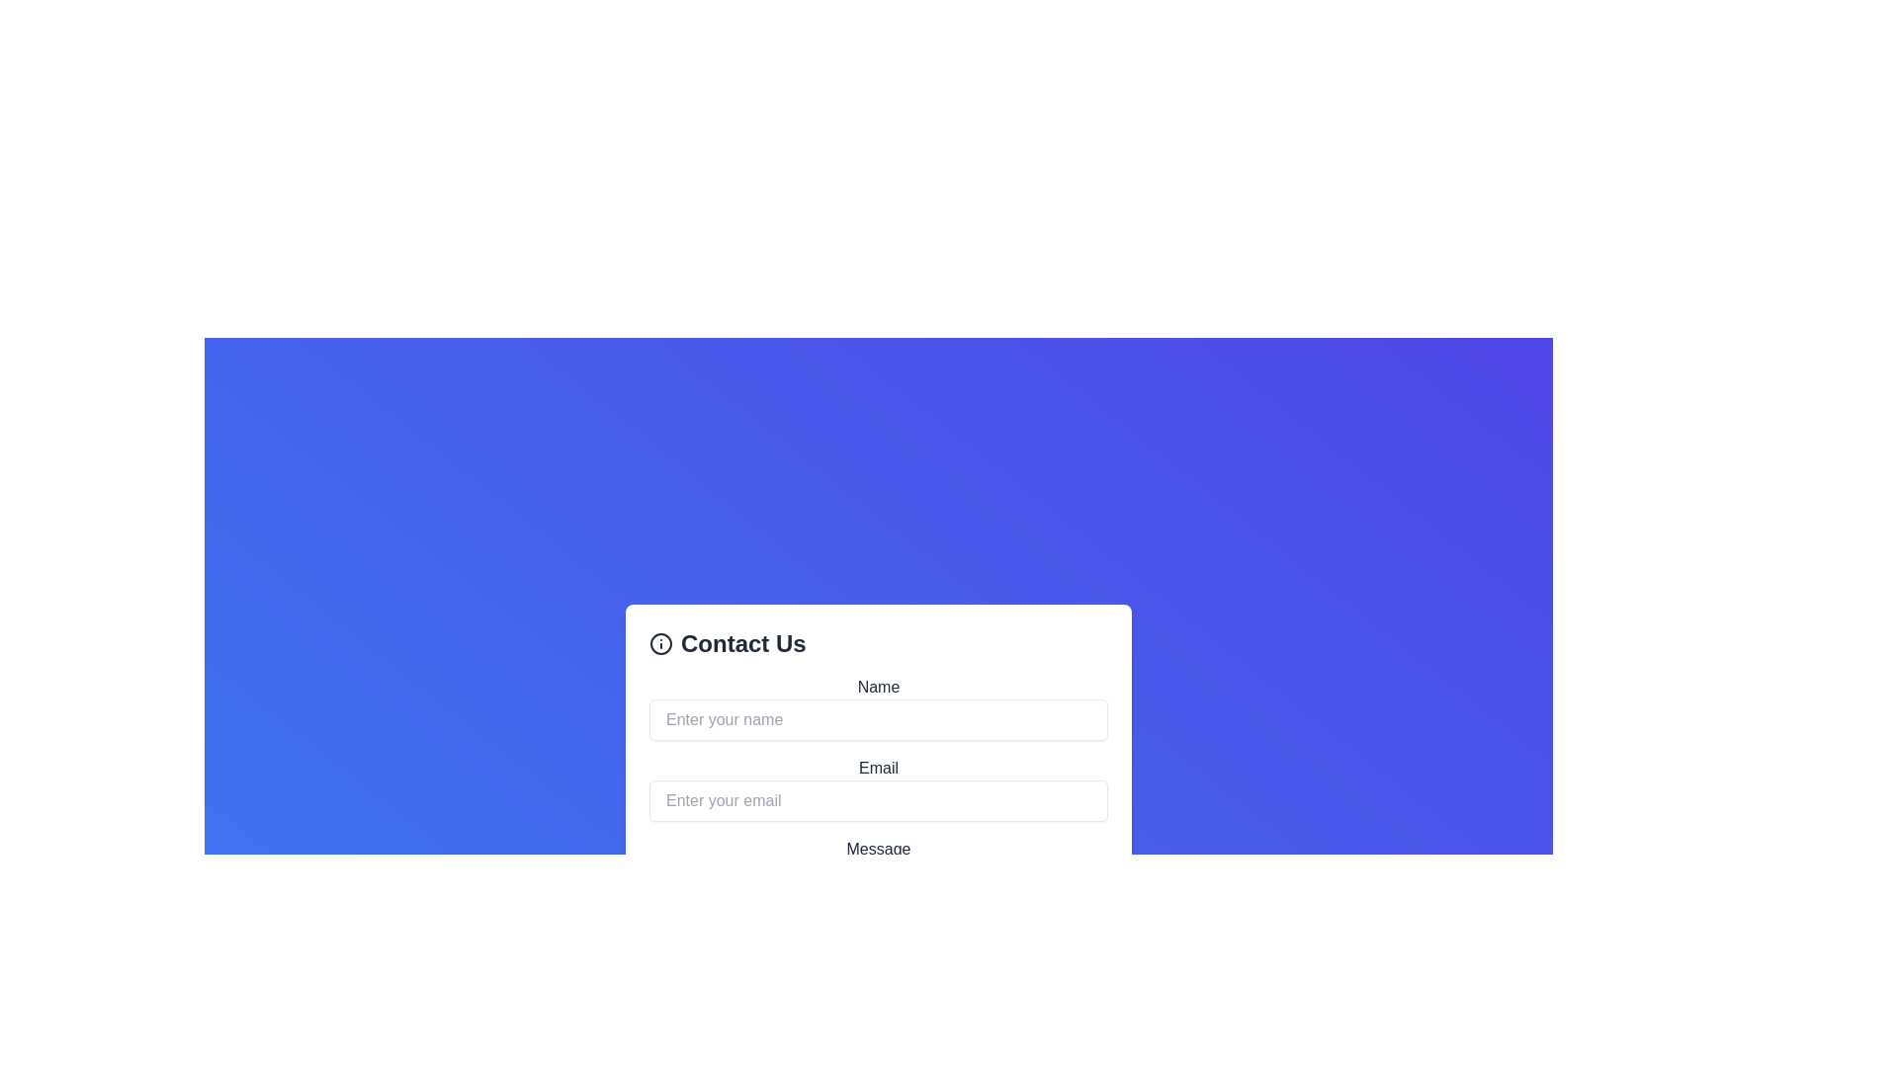 The image size is (1898, 1067). Describe the element at coordinates (877, 855) in the screenshot. I see `the 'Message' text area in the 'Contact Us' section to input a message or comment` at that location.